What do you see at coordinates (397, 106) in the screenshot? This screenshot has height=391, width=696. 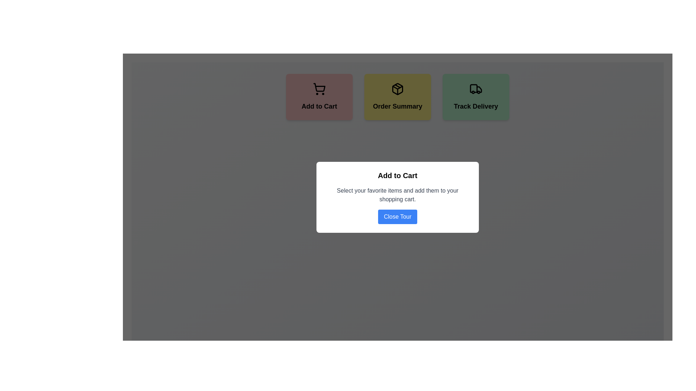 I see `the label that serves as a heading for summarizing order details, which is centrally aligned within a yellow rectangular card-like section` at bounding box center [397, 106].